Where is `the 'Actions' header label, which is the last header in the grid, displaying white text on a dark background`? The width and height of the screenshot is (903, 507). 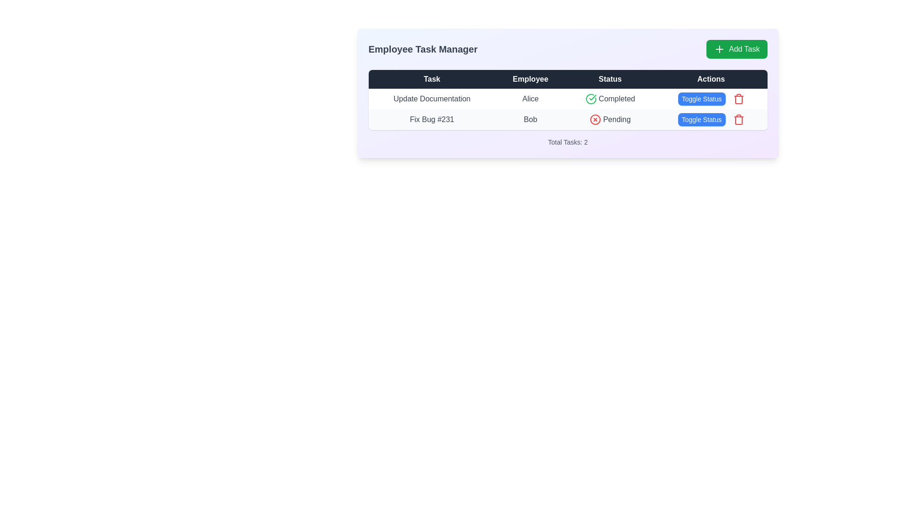
the 'Actions' header label, which is the last header in the grid, displaying white text on a dark background is located at coordinates (711, 79).